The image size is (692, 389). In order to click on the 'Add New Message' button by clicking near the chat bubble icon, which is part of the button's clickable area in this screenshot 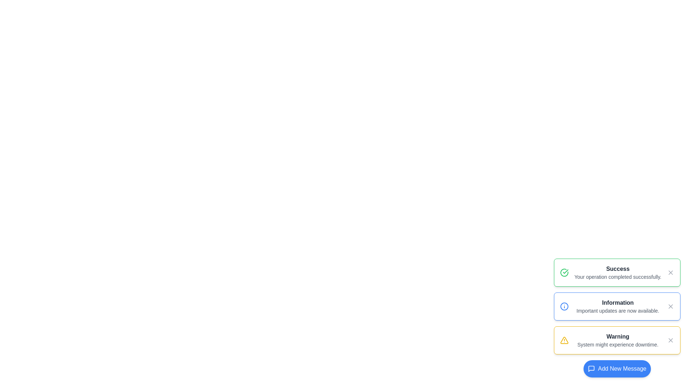, I will do `click(591, 368)`.